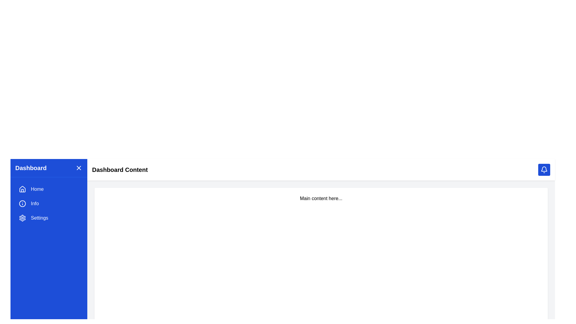  Describe the element at coordinates (34, 203) in the screenshot. I see `the 'Info' text label in the vertical navigation menu, which is displayed in white font on a blue background and positioned between 'Home' and 'Settings'` at that location.